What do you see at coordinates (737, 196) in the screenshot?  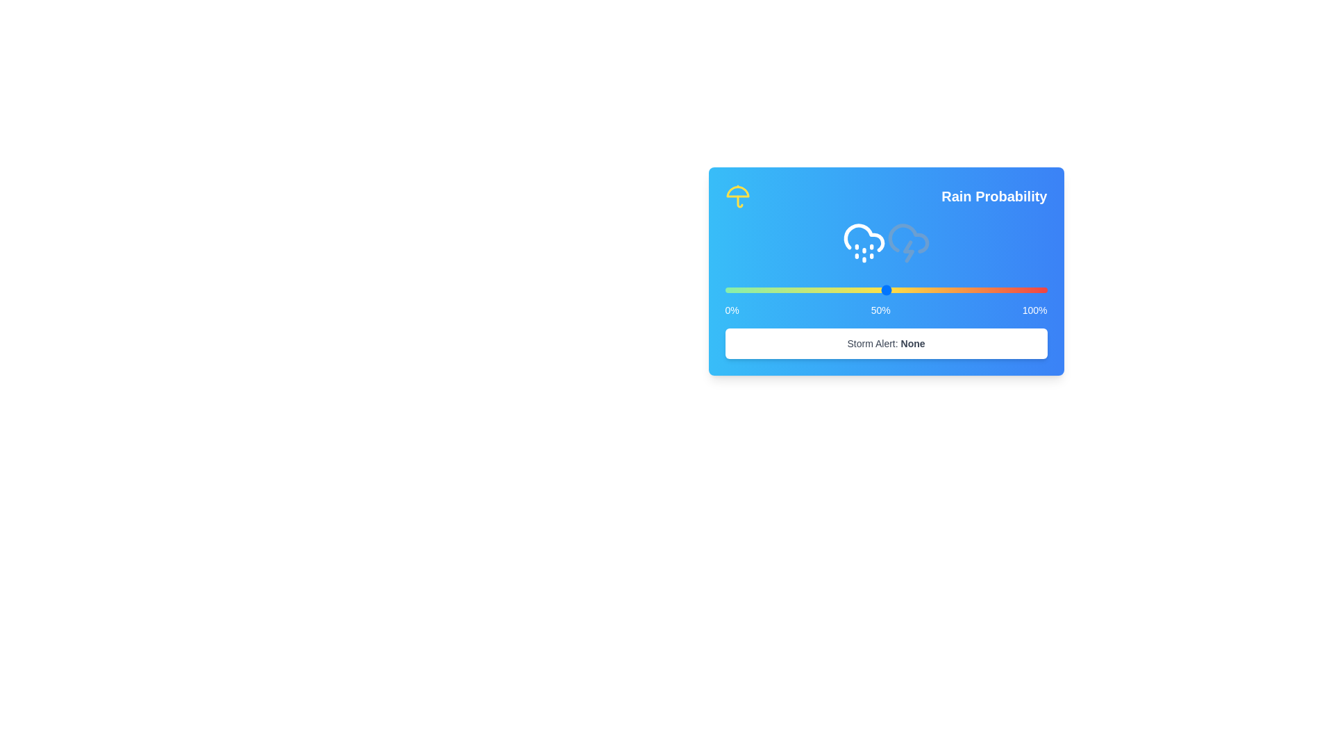 I see `the umbrella icon` at bounding box center [737, 196].